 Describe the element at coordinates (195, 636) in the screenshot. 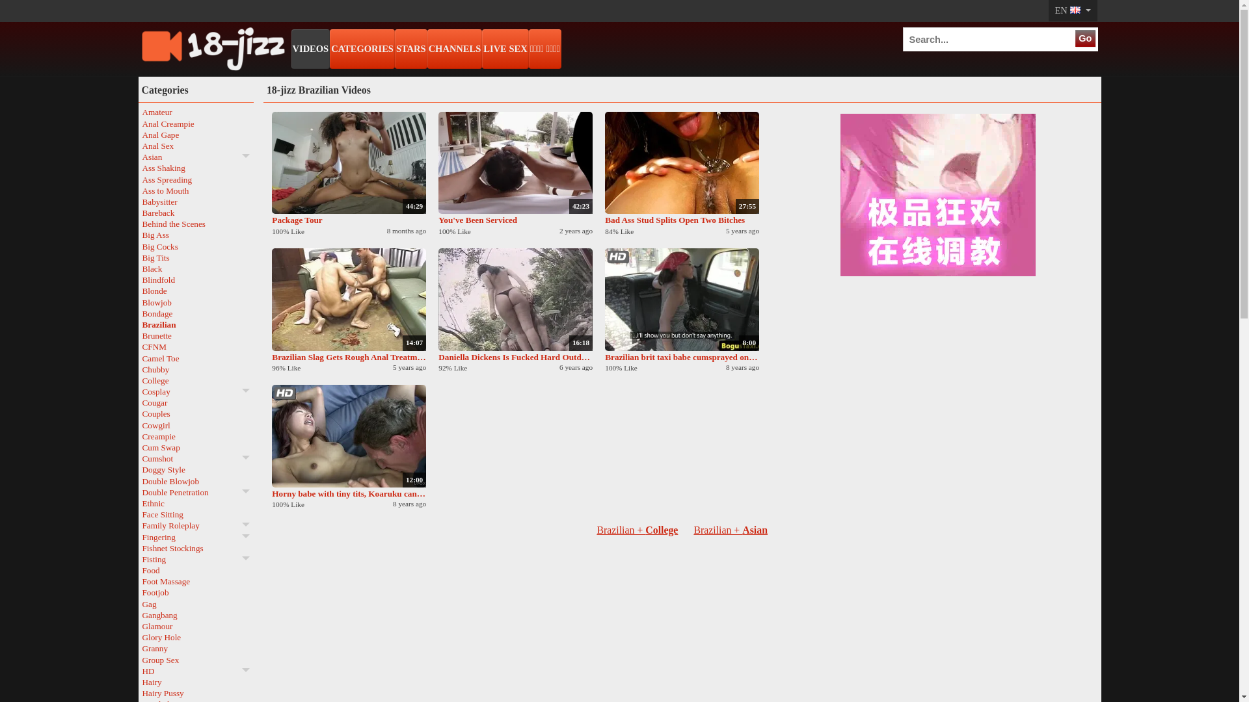

I see `'Glory Hole'` at that location.